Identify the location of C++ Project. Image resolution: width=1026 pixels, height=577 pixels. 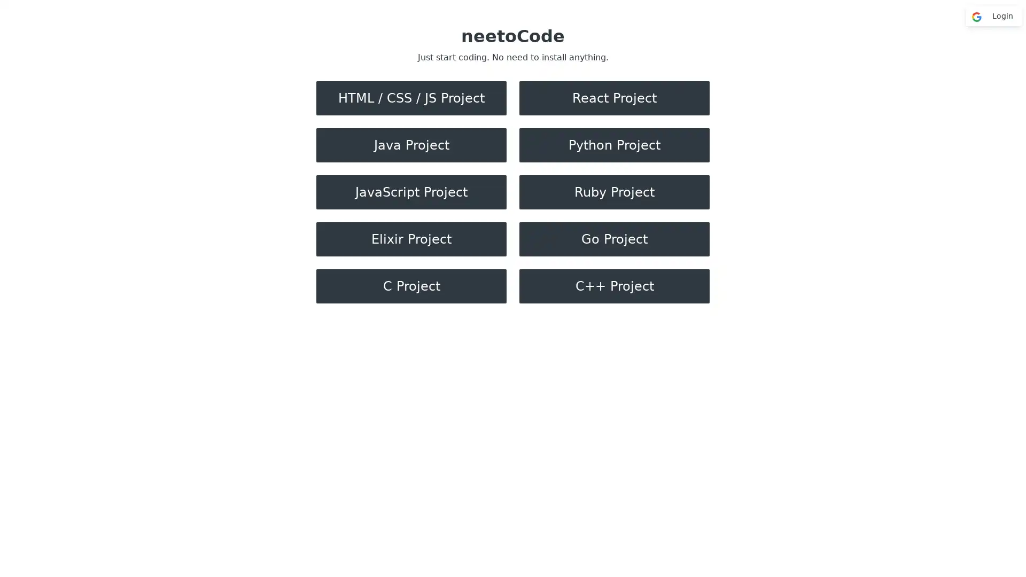
(615, 286).